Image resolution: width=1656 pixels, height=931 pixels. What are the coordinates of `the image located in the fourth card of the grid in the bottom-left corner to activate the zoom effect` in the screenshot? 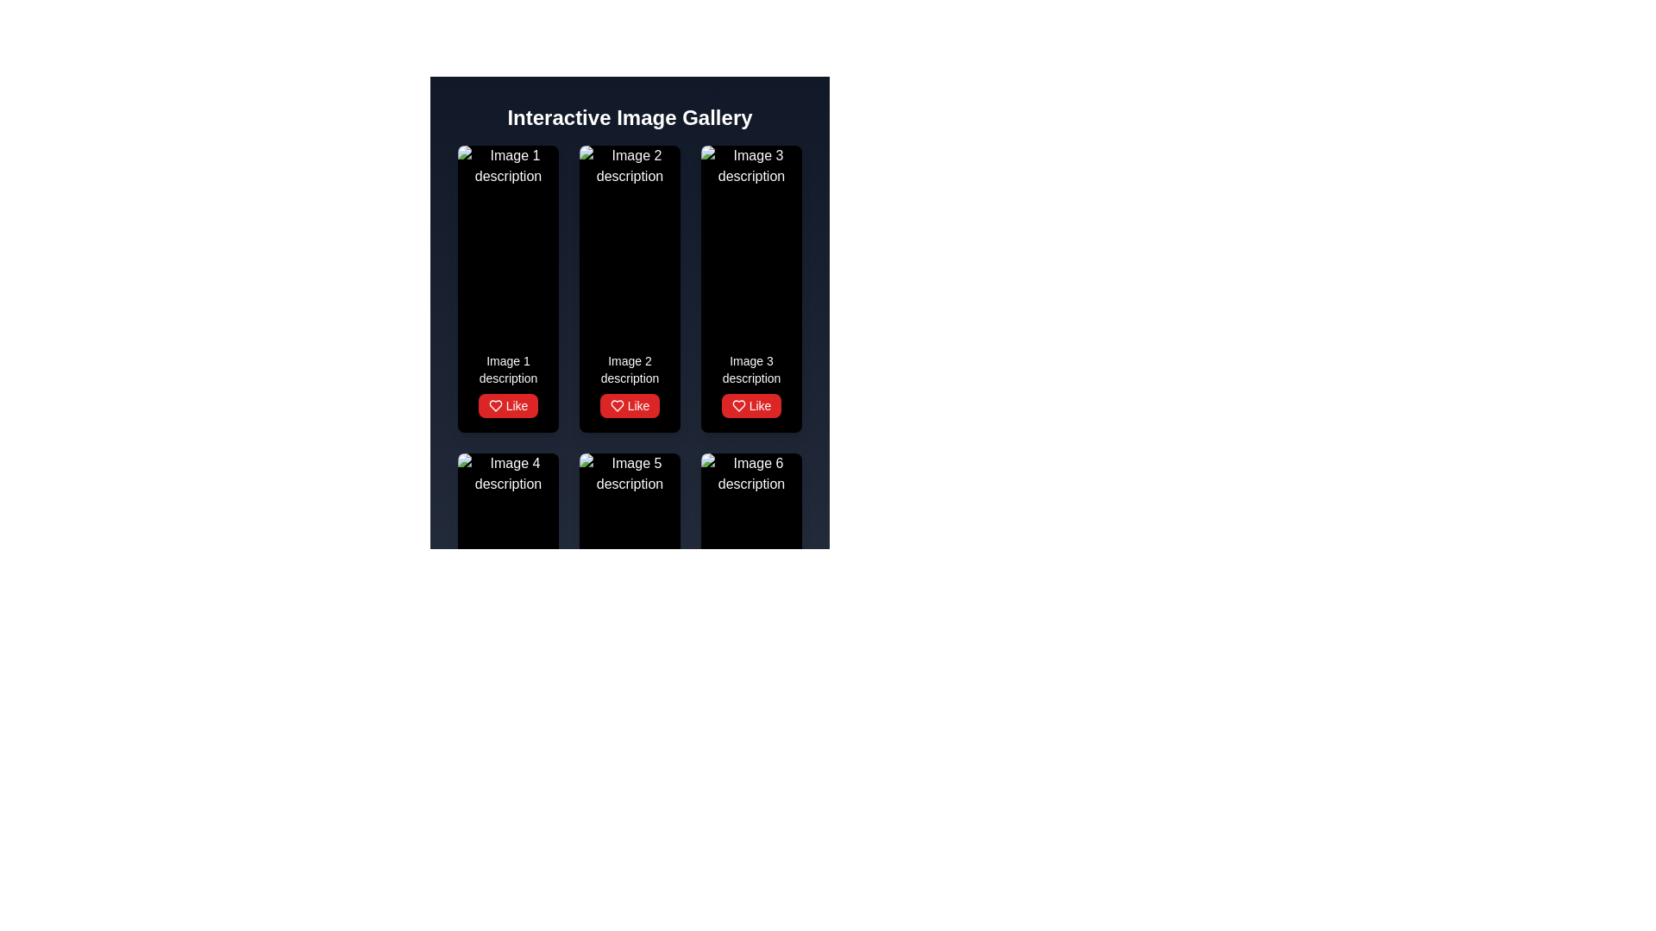 It's located at (507, 549).